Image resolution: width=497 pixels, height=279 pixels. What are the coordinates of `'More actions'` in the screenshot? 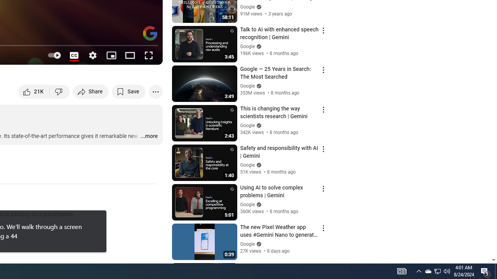 It's located at (155, 91).